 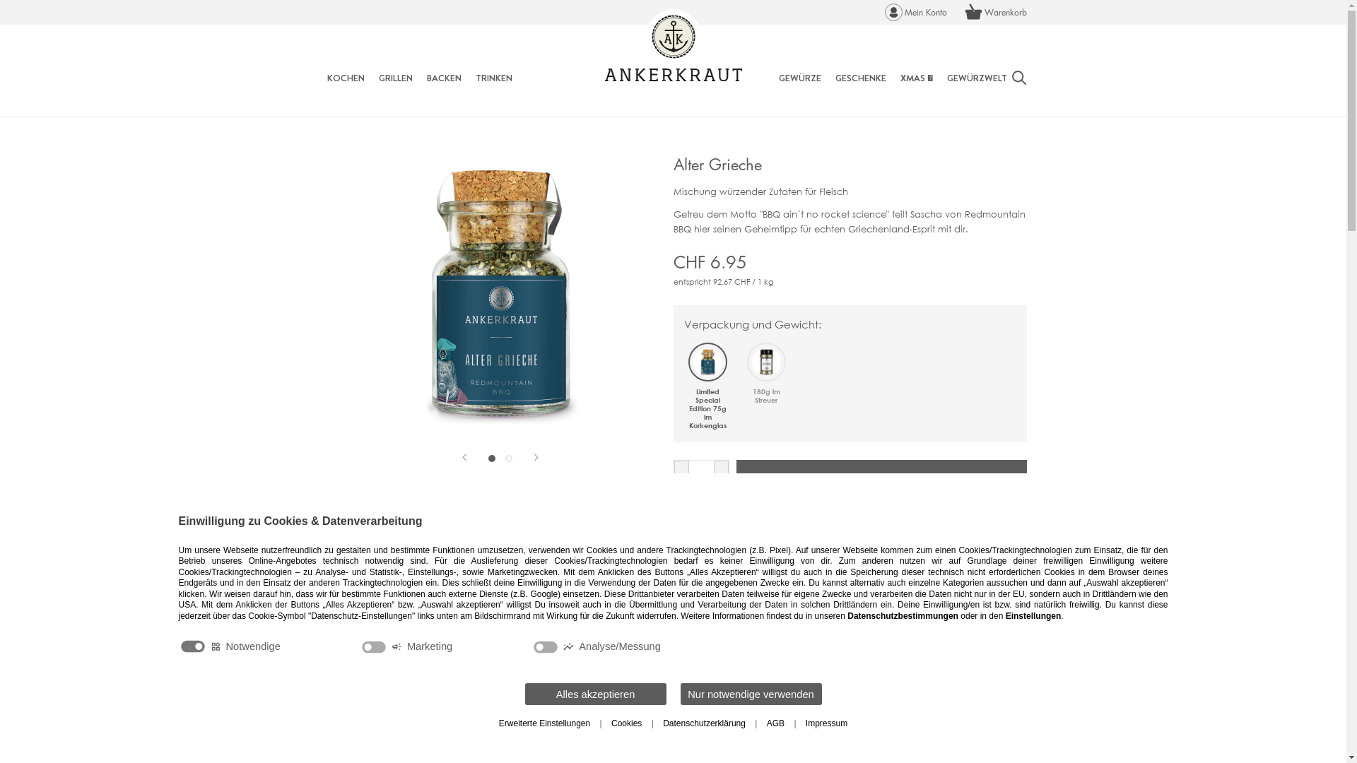 What do you see at coordinates (994, 12) in the screenshot?
I see `'Warenkorb` at bounding box center [994, 12].